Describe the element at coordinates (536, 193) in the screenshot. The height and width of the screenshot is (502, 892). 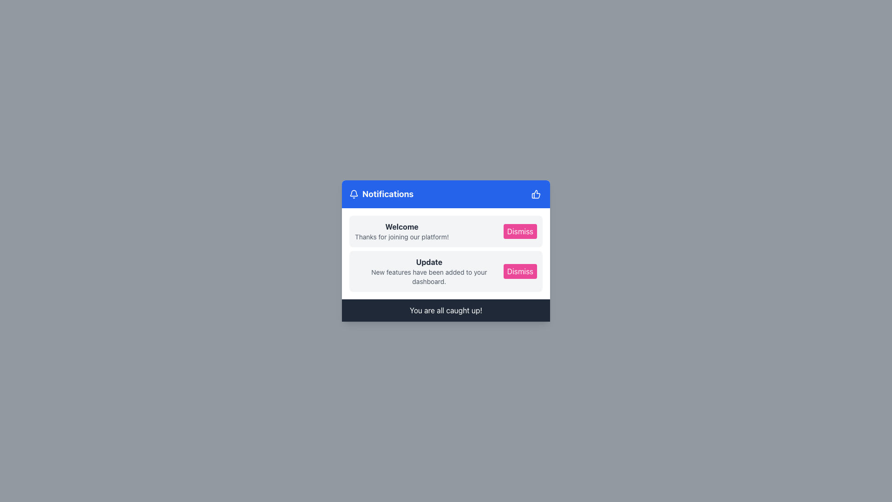
I see `the 'like' button located at the top-right corner of the blue title bar labeled 'Notifications' to express approval` at that location.